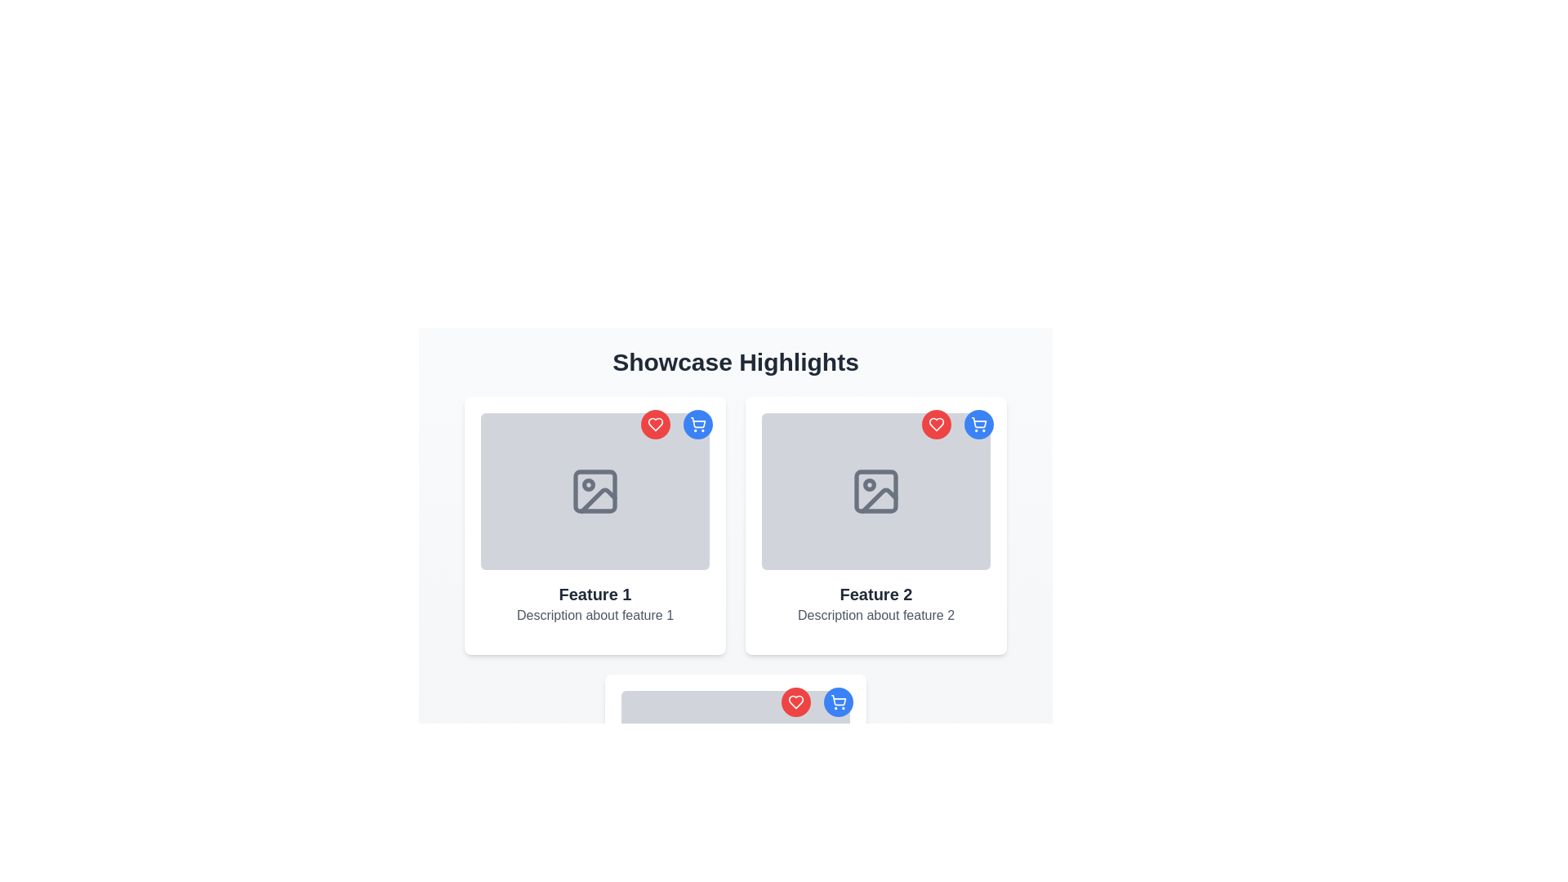  Describe the element at coordinates (595, 490) in the screenshot. I see `the small rounded rectangle in the SVG icon of the 'Feature 1' card, styled in light gray color` at that location.